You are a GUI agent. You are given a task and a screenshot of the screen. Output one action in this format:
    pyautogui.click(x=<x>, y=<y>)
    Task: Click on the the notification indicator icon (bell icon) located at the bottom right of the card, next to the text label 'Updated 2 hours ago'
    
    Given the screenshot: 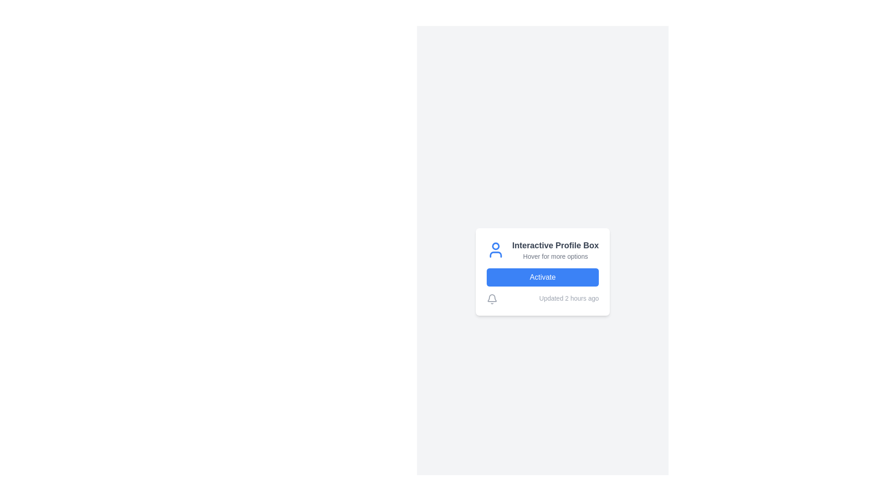 What is the action you would take?
    pyautogui.click(x=492, y=299)
    